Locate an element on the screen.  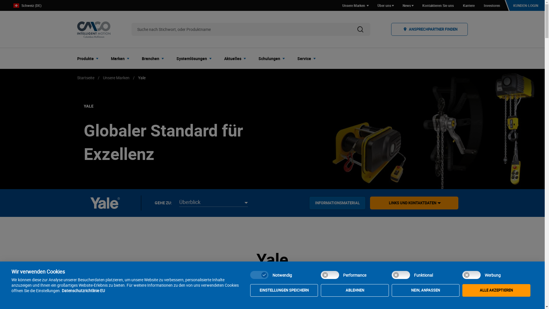
'Aktuelles' is located at coordinates (237, 58).